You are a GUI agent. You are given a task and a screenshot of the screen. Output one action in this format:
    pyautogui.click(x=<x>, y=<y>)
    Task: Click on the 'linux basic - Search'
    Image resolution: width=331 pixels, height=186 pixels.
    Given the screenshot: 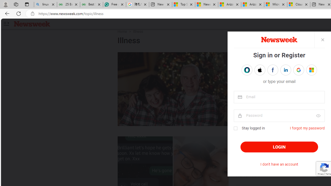 What is the action you would take?
    pyautogui.click(x=46, y=4)
    